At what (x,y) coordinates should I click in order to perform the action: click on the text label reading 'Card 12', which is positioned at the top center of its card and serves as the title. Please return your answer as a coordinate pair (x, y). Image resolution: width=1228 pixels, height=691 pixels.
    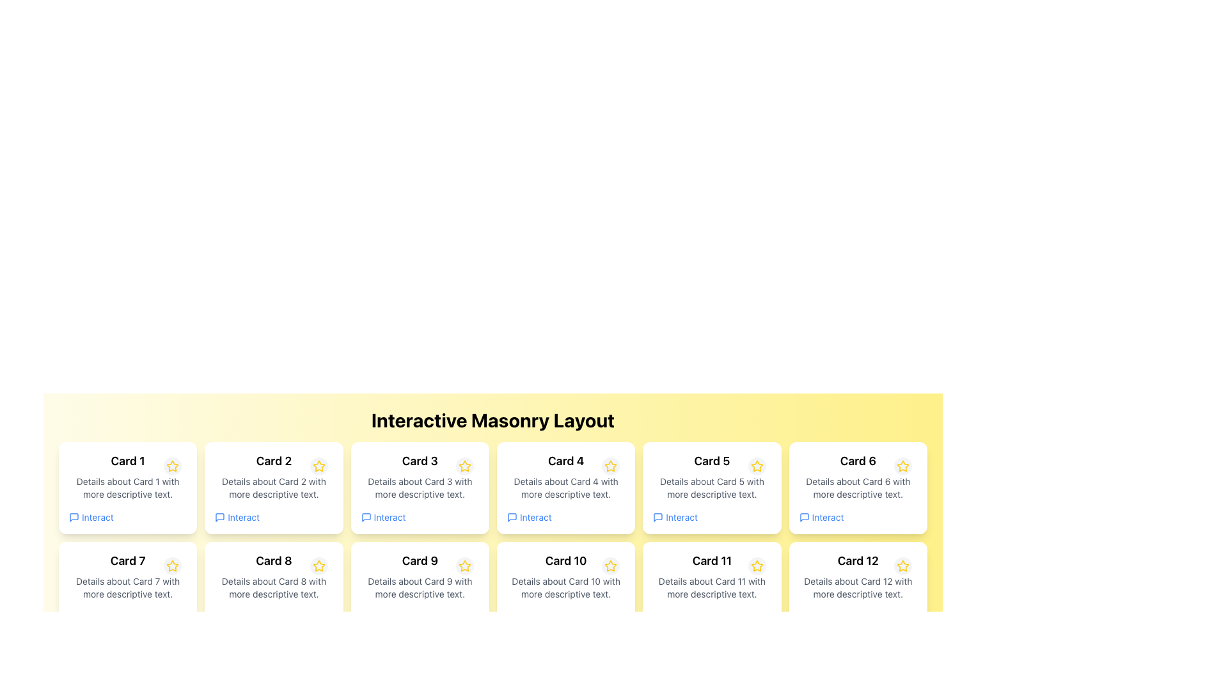
    Looking at the image, I should click on (858, 560).